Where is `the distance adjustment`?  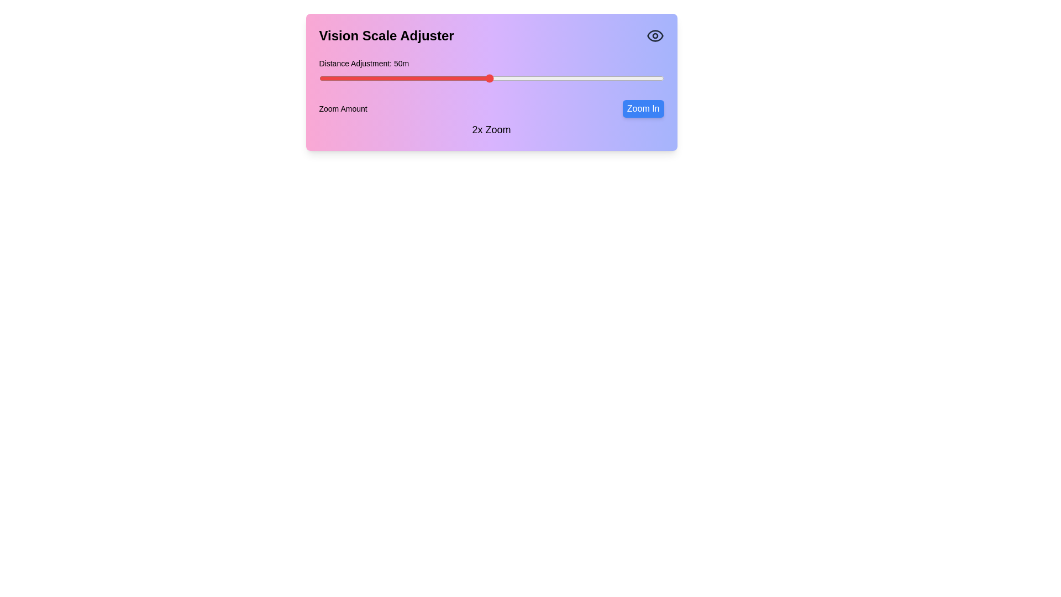
the distance adjustment is located at coordinates (593, 78).